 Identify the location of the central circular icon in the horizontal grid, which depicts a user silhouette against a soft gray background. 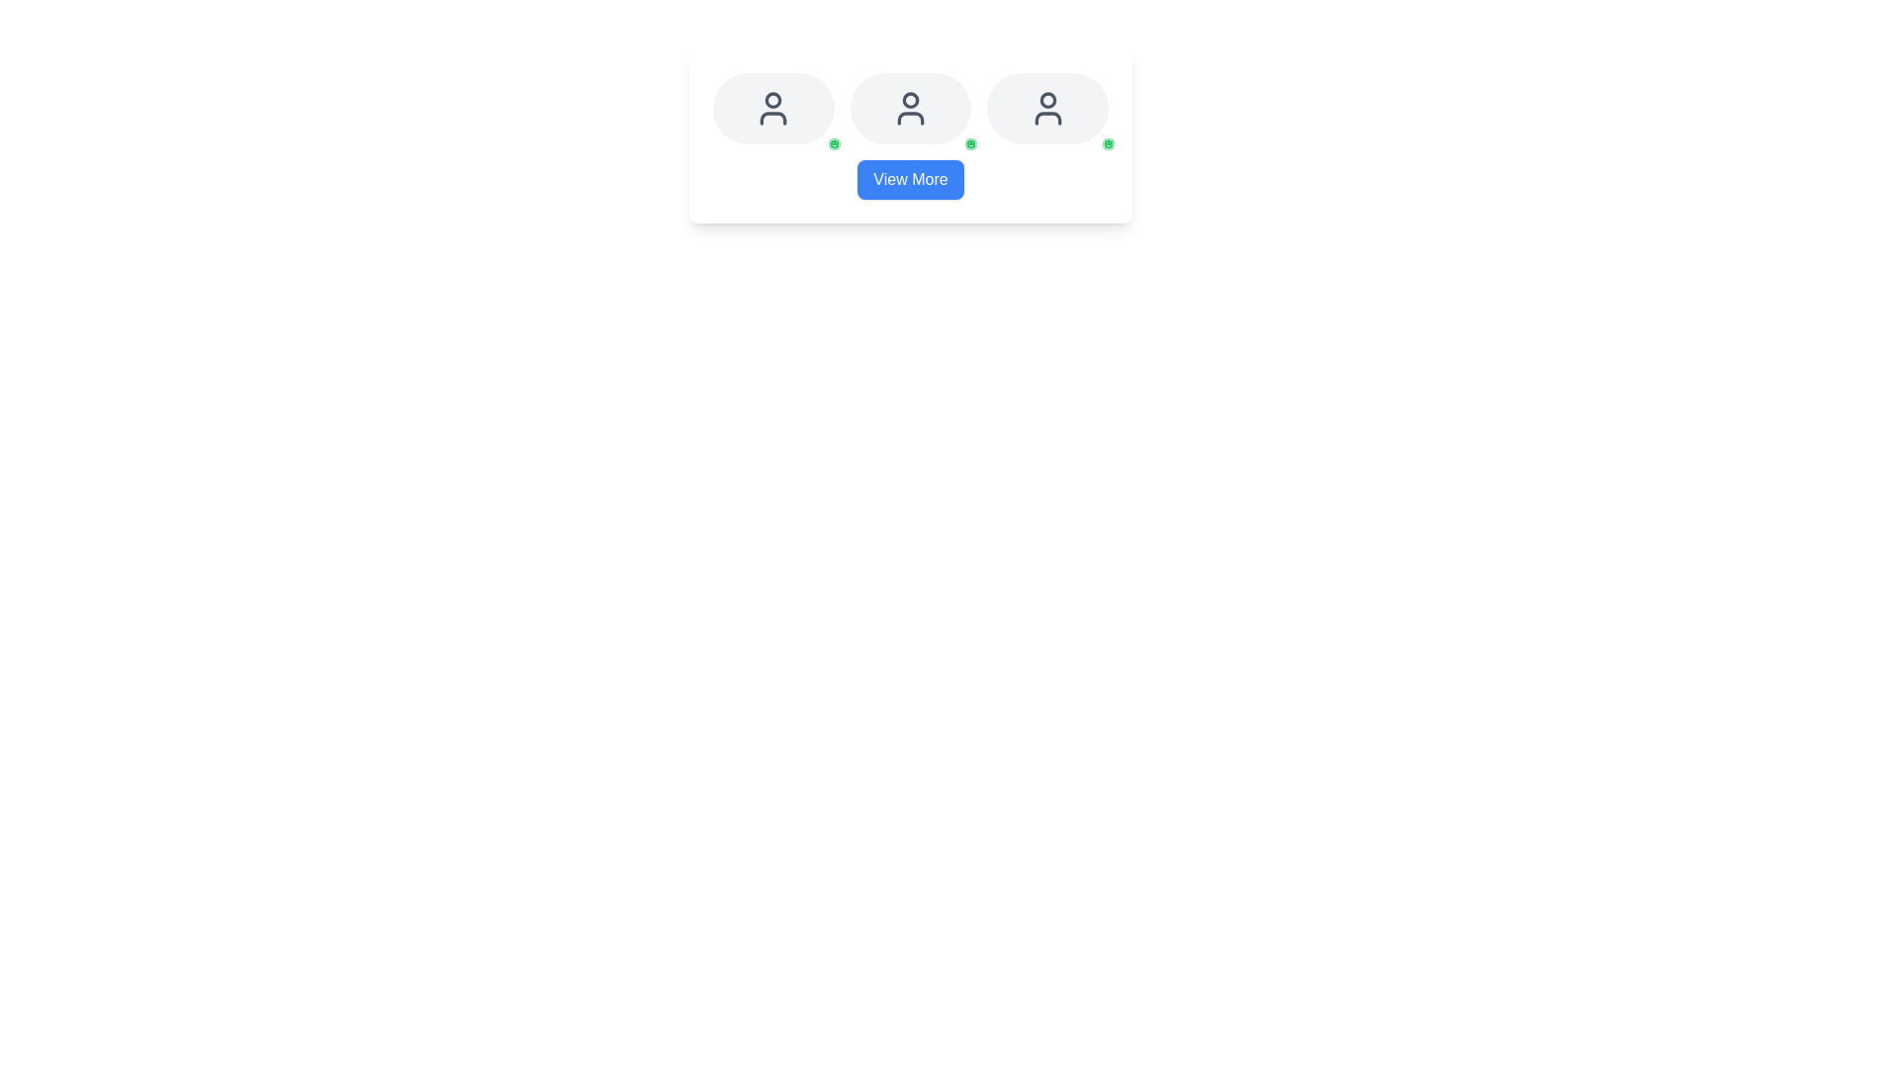
(910, 109).